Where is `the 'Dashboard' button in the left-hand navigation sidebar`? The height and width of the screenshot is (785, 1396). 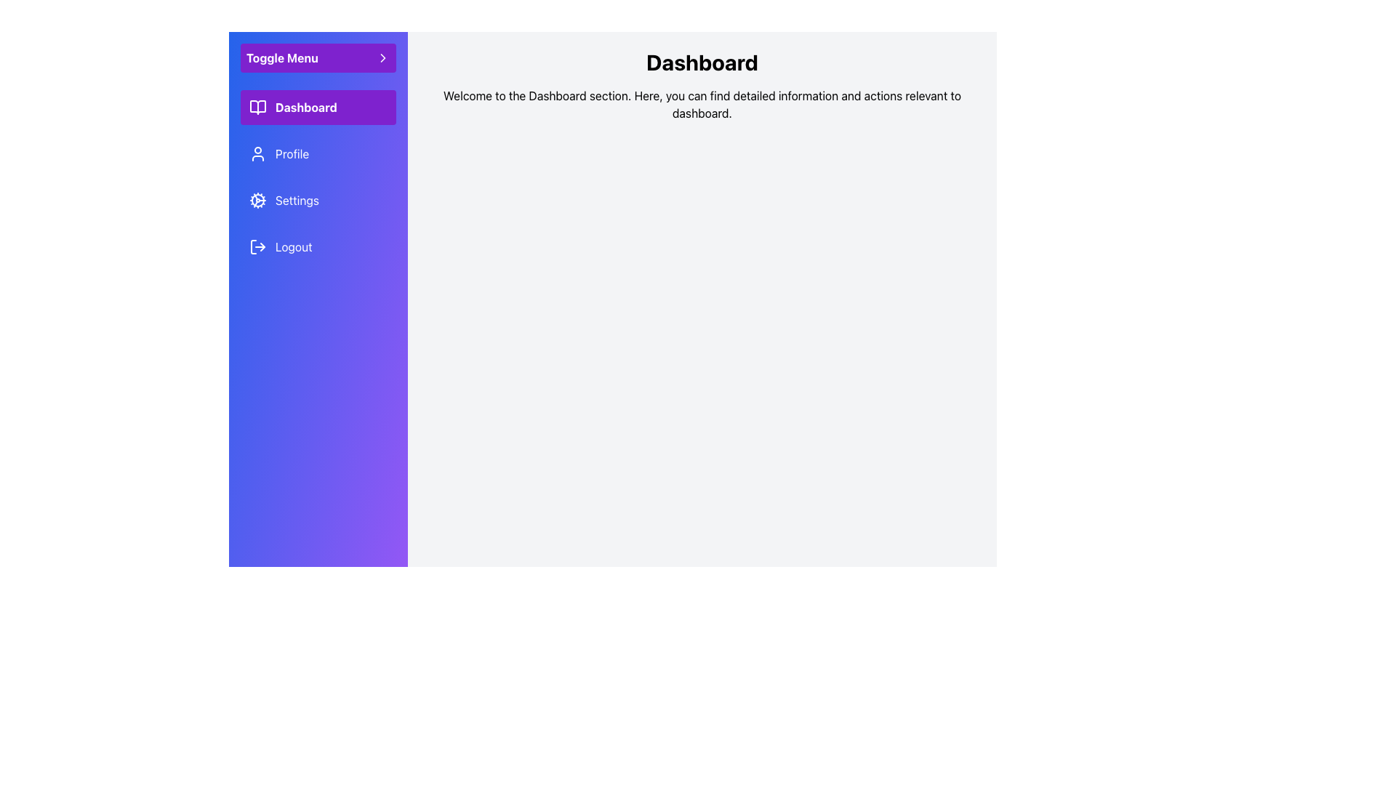
the 'Dashboard' button in the left-hand navigation sidebar is located at coordinates (317, 106).